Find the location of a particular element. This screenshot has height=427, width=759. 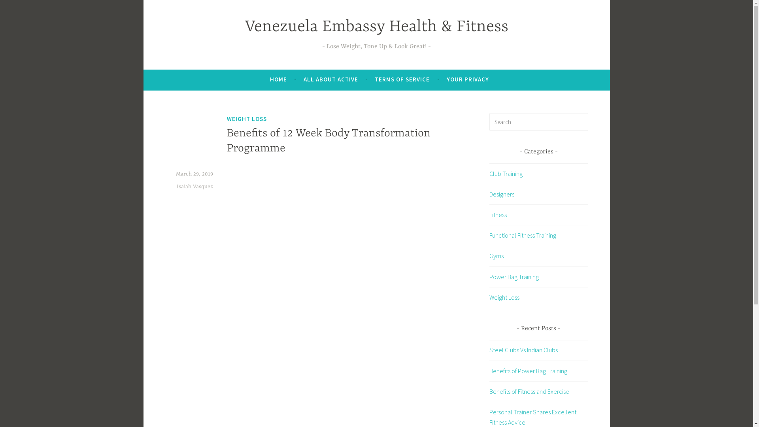

'Club Training' is located at coordinates (506, 173).